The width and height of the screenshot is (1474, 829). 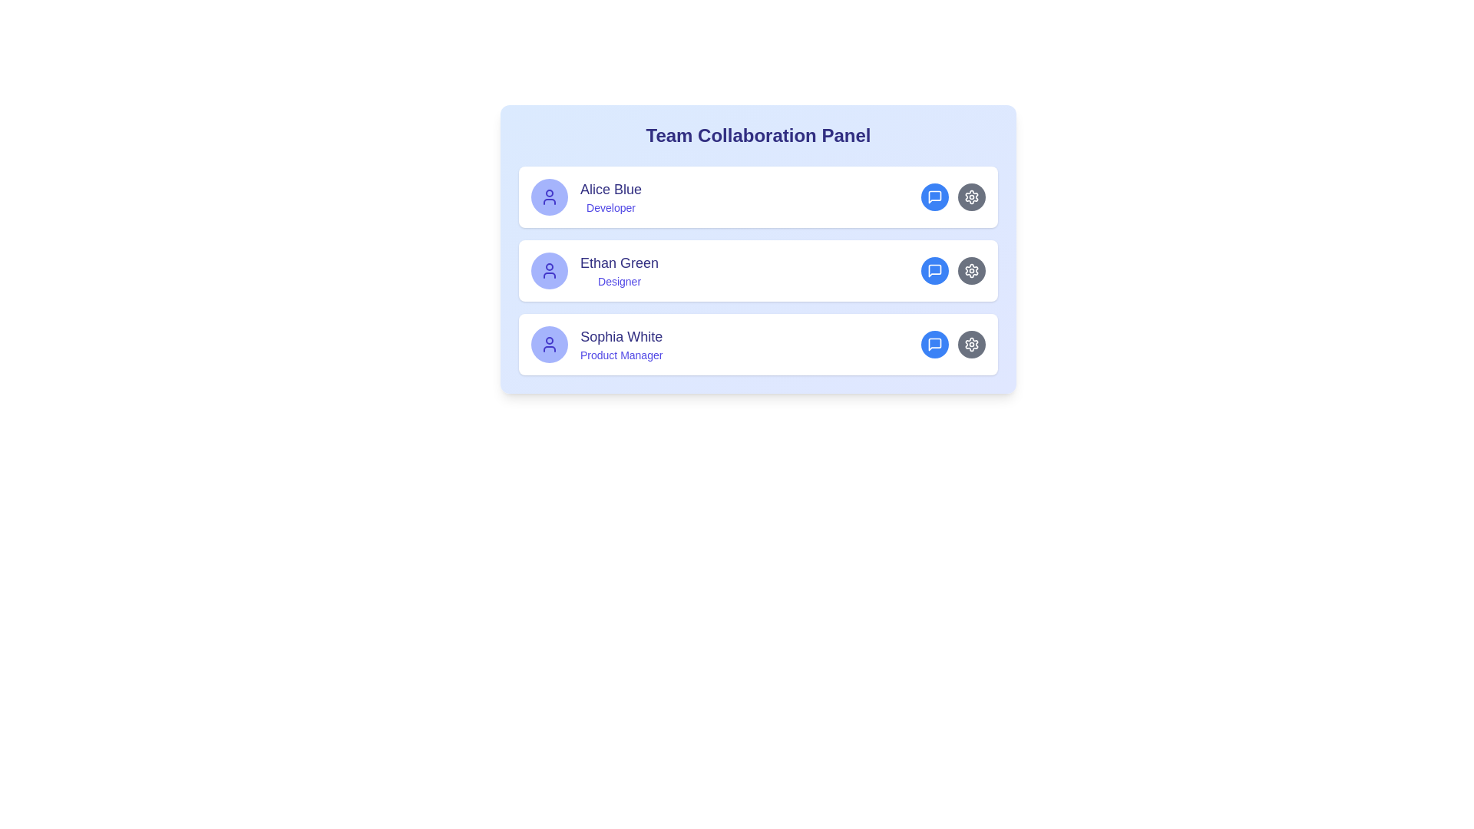 What do you see at coordinates (971, 270) in the screenshot?
I see `the circular button with a gray background and gear icon, located to the right of a blue button with a speech bubble icon` at bounding box center [971, 270].